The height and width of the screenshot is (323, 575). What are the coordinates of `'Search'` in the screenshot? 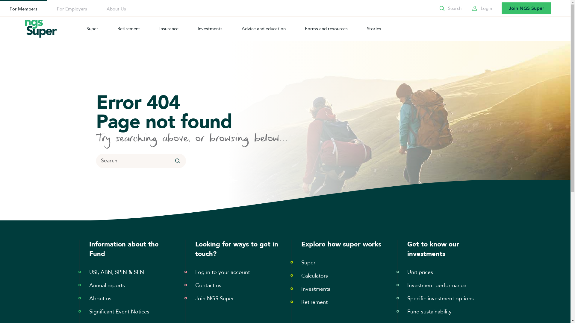 It's located at (450, 8).